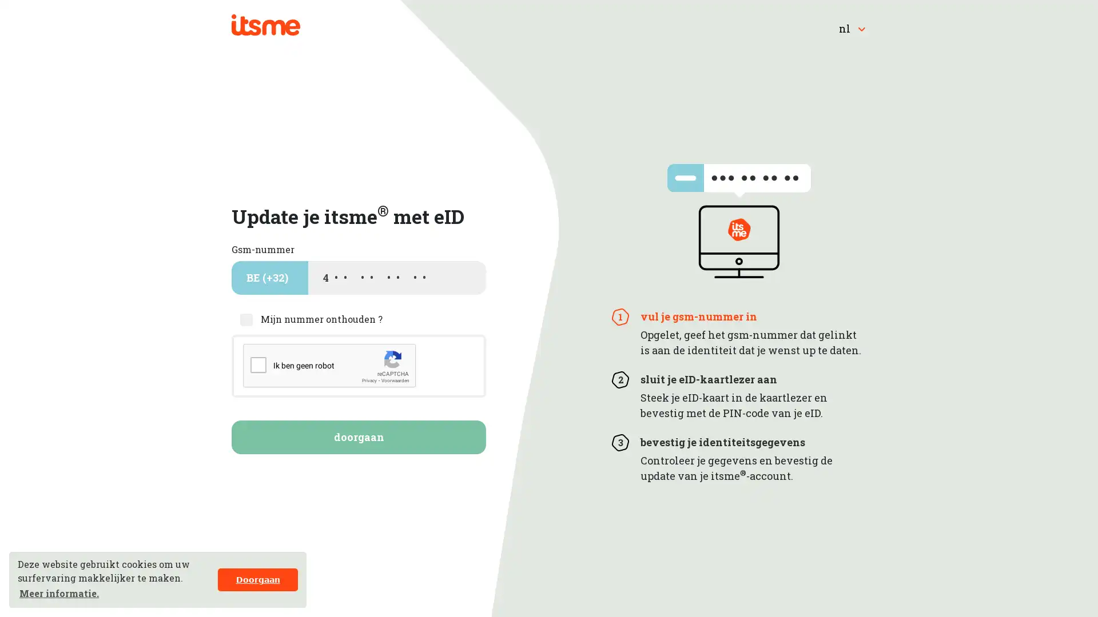 The image size is (1098, 617). I want to click on doorgaan, so click(358, 437).